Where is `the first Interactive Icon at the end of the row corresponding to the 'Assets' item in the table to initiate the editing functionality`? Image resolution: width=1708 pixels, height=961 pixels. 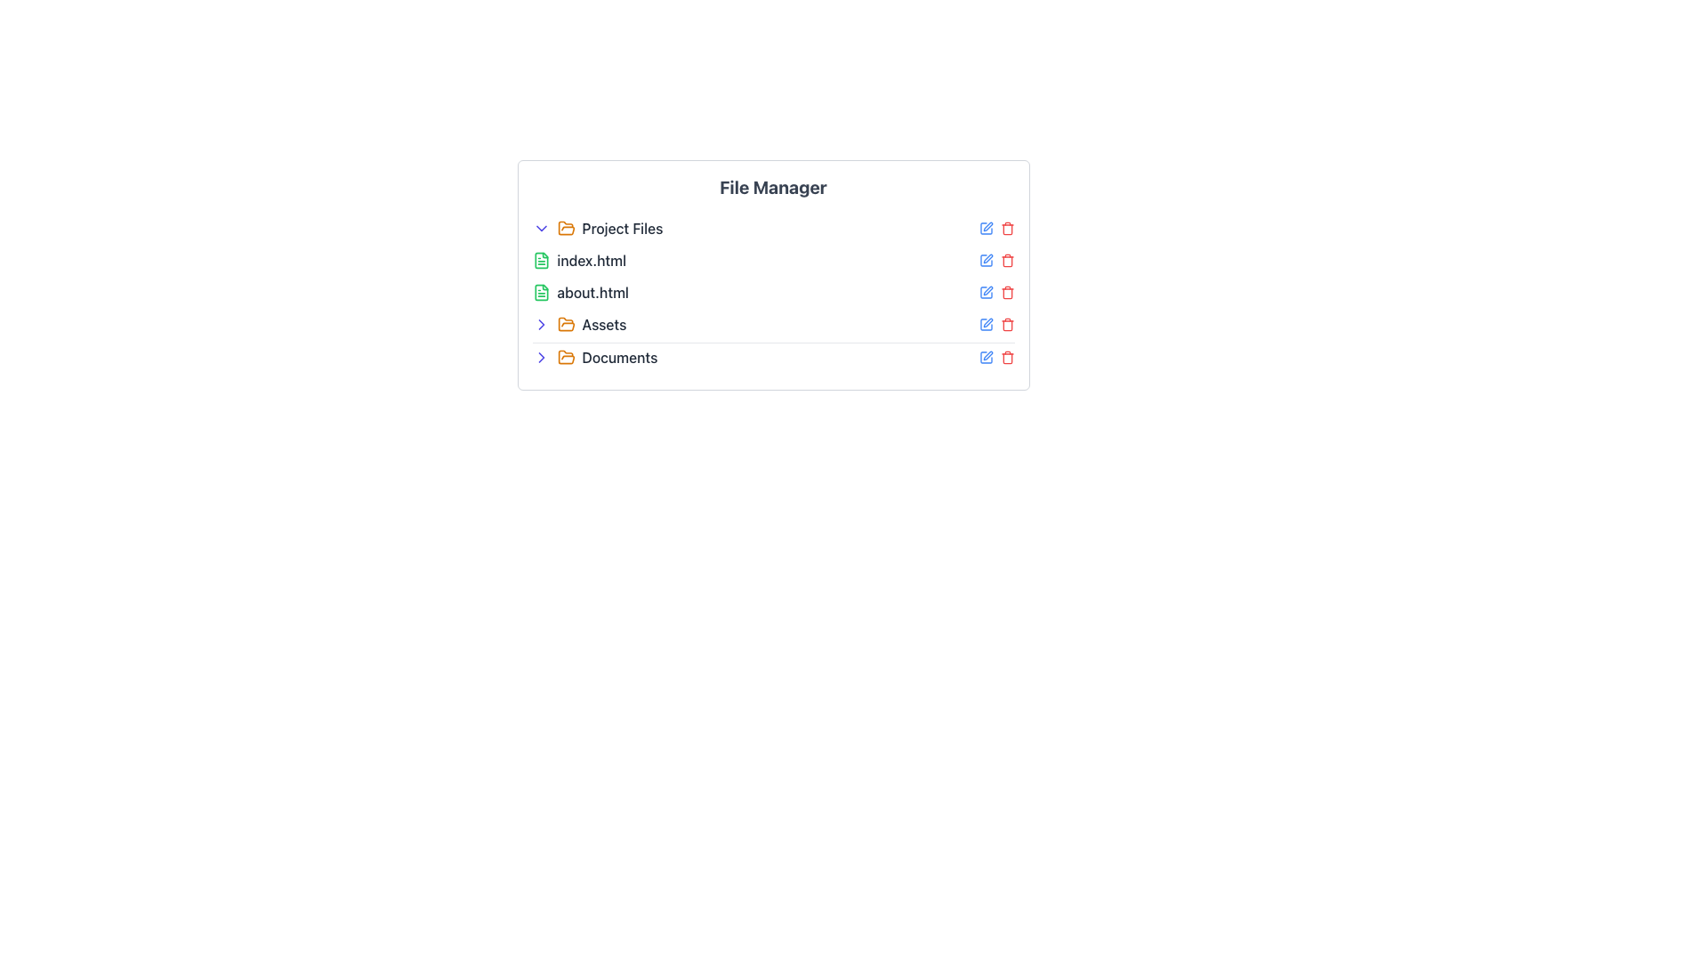 the first Interactive Icon at the end of the row corresponding to the 'Assets' item in the table to initiate the editing functionality is located at coordinates (985, 325).